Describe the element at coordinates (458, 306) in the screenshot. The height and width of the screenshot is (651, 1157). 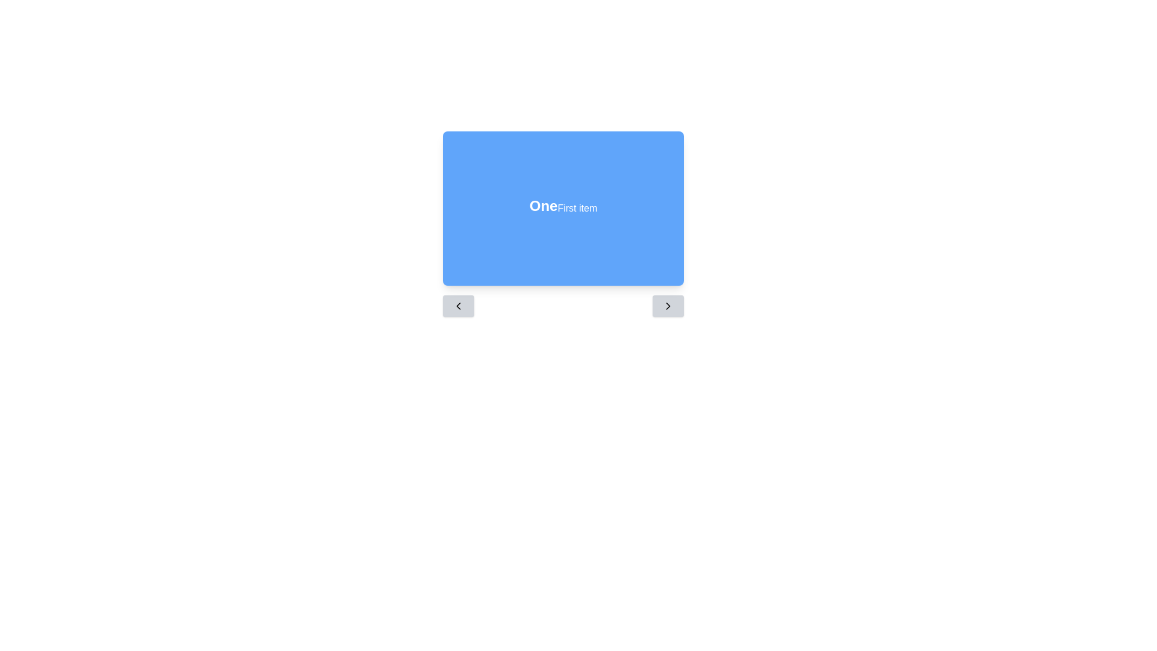
I see `the chevron-shaped left arrow icon with a black stroke, located within a gray rounded button to observe styling changes` at that location.